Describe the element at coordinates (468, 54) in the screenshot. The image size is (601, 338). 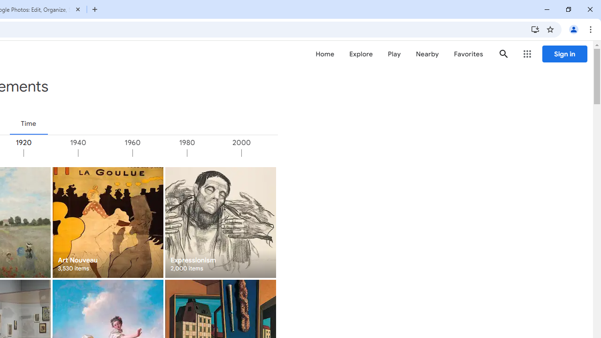
I see `'Favorites'` at that location.